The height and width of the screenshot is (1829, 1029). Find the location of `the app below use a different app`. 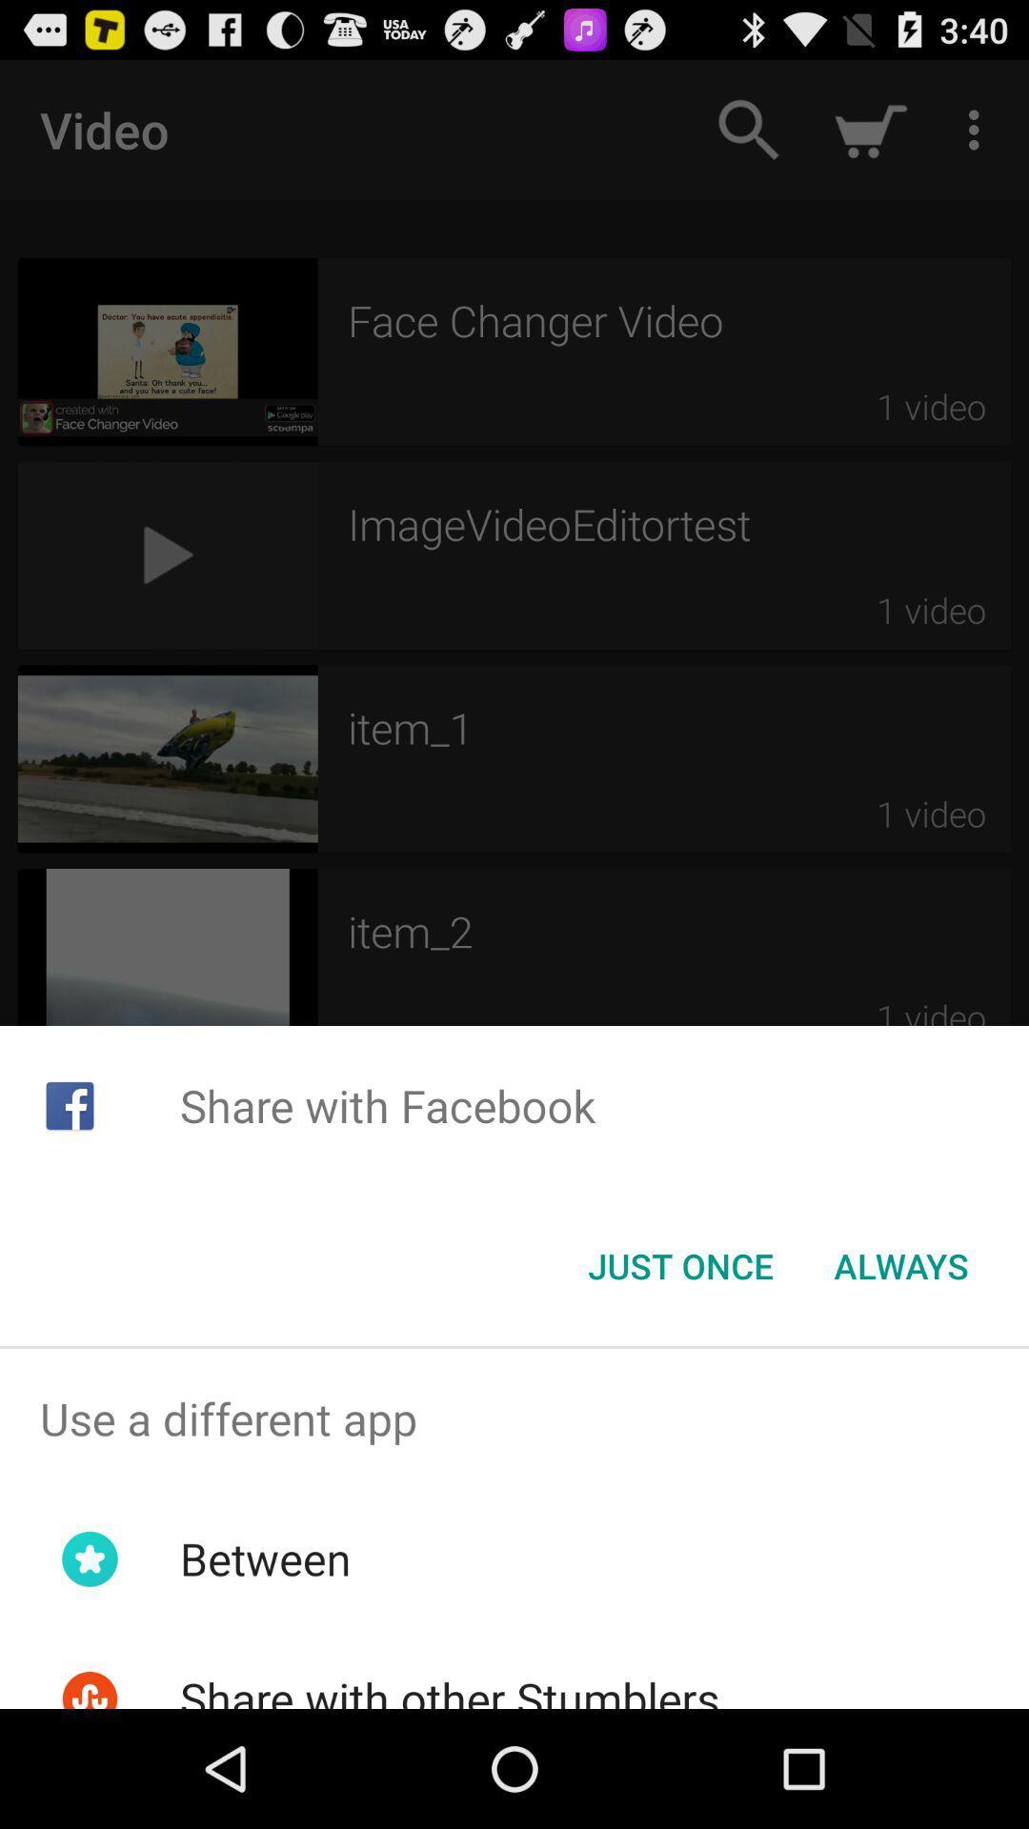

the app below use a different app is located at coordinates (265, 1558).